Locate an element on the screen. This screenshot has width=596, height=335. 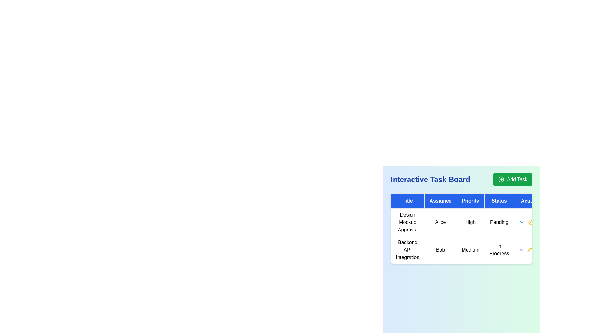
the 'Status' text label in the second row of the 'Interactive Task Board', which indicates the current status of the corresponding task is located at coordinates (499, 249).